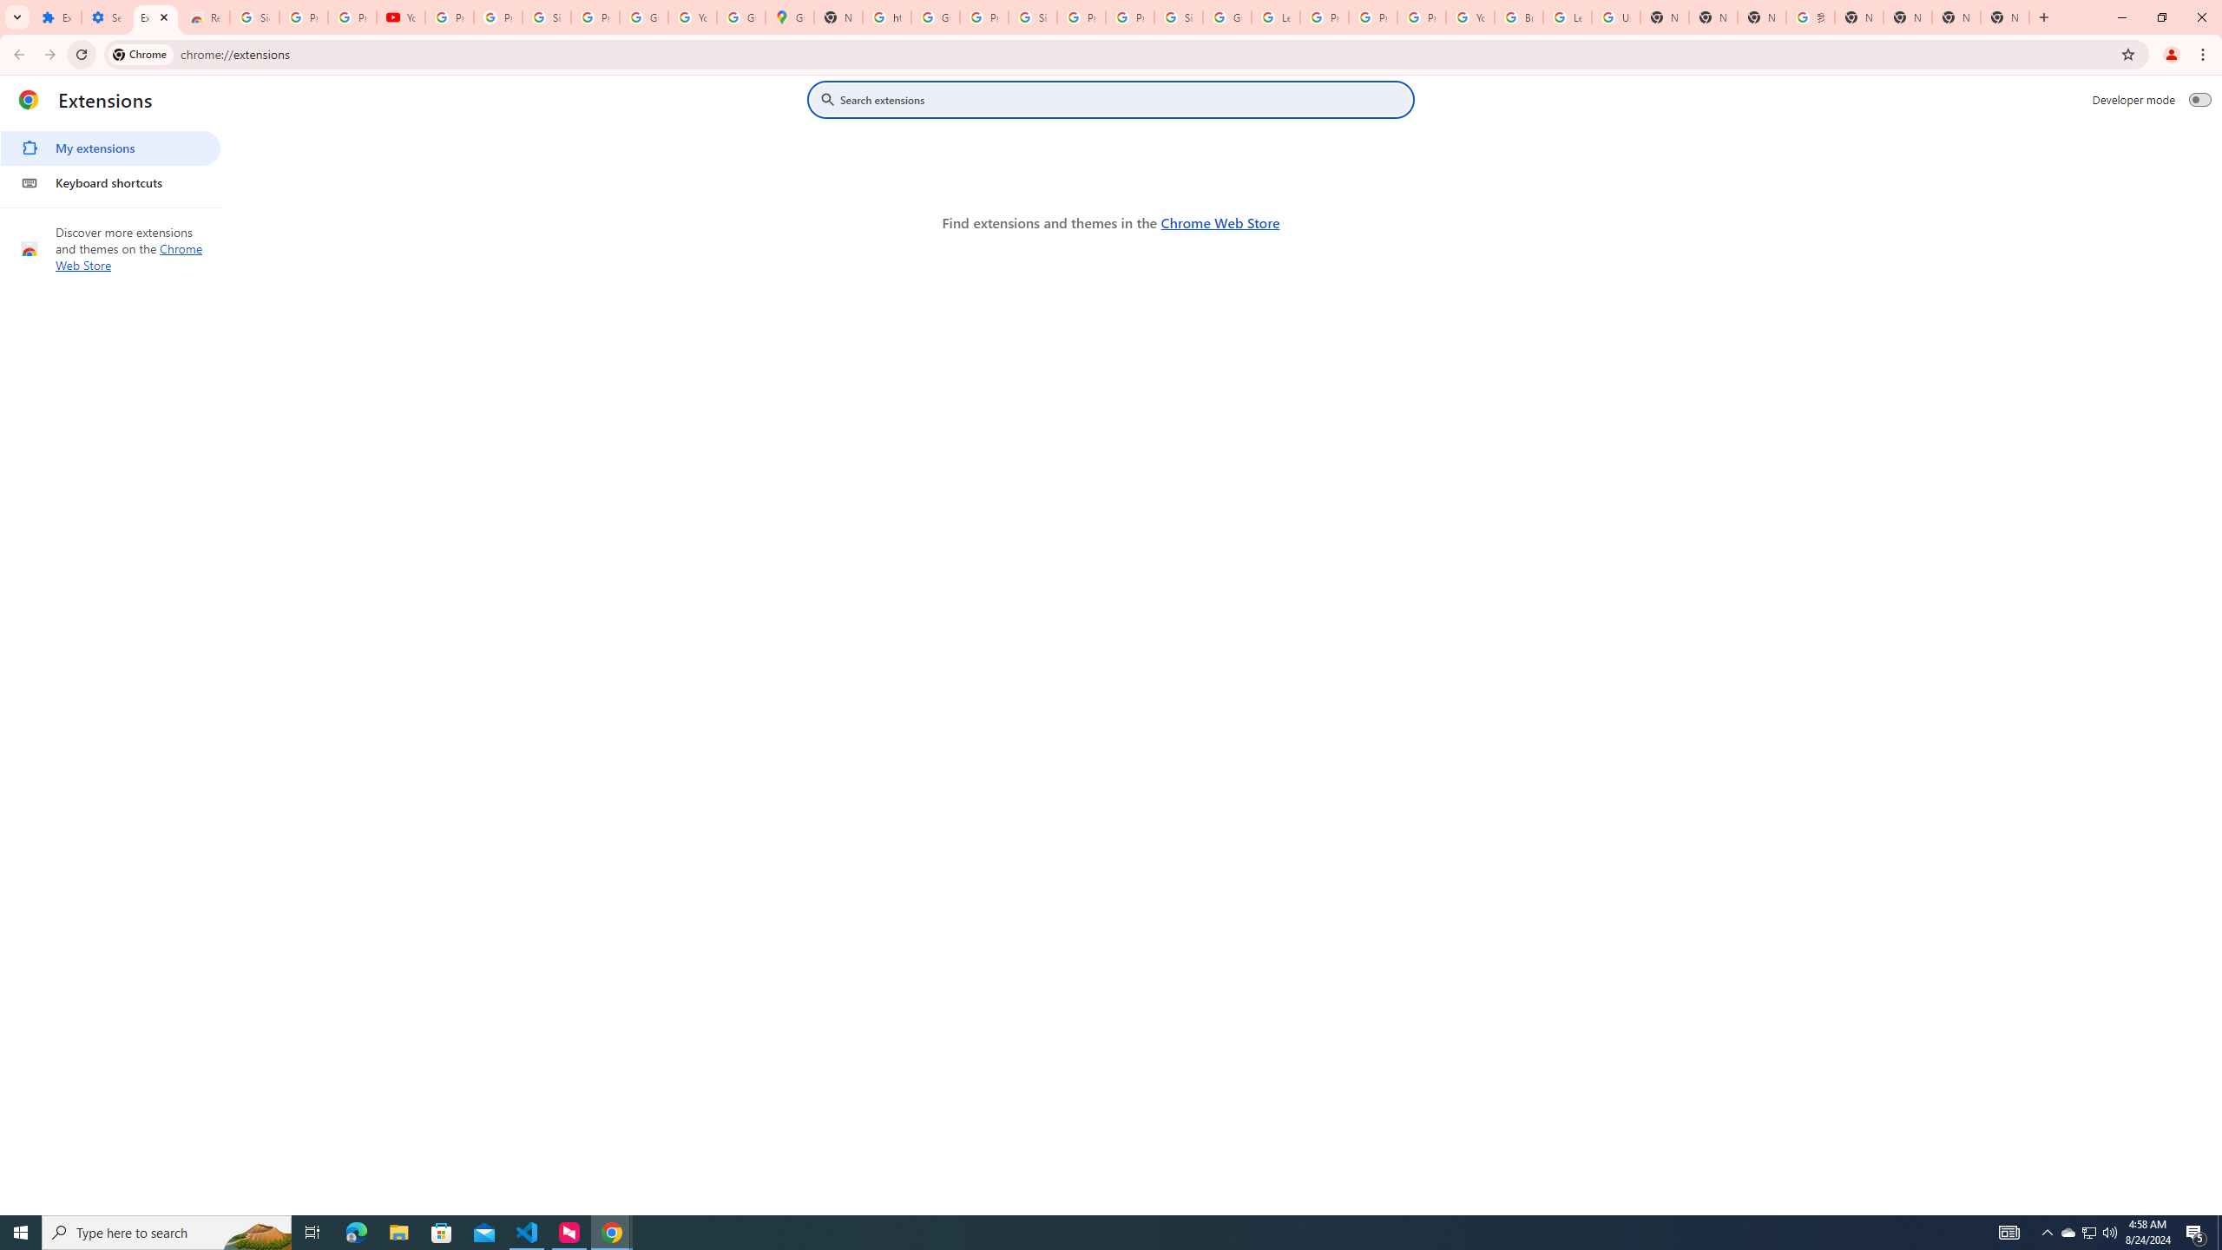 This screenshot has width=2222, height=1250. What do you see at coordinates (1122, 99) in the screenshot?
I see `'Search extensions'` at bounding box center [1122, 99].